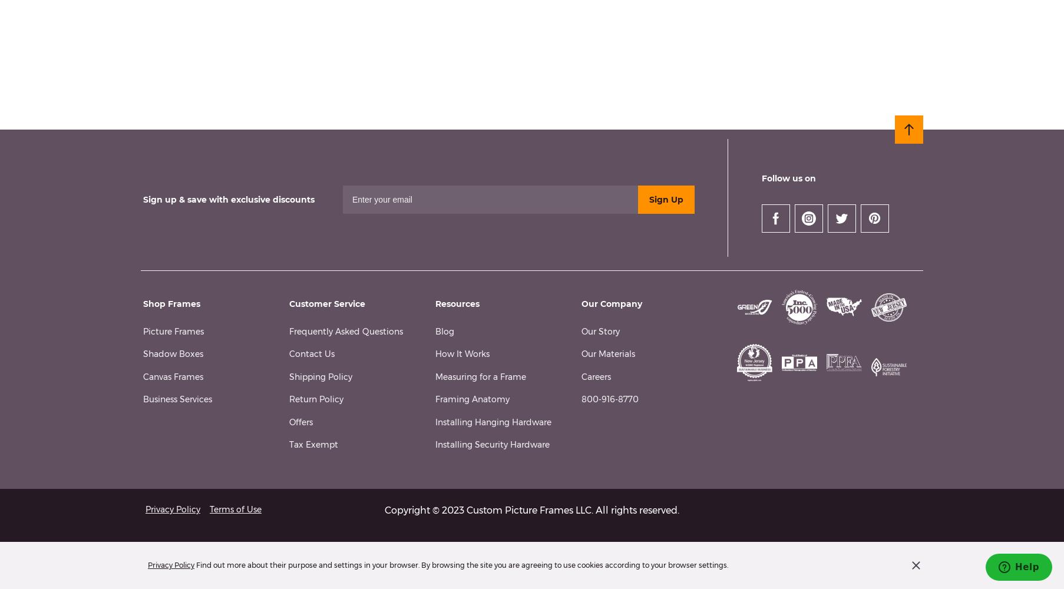 The height and width of the screenshot is (589, 1064). Describe the element at coordinates (300, 421) in the screenshot. I see `'Offers'` at that location.